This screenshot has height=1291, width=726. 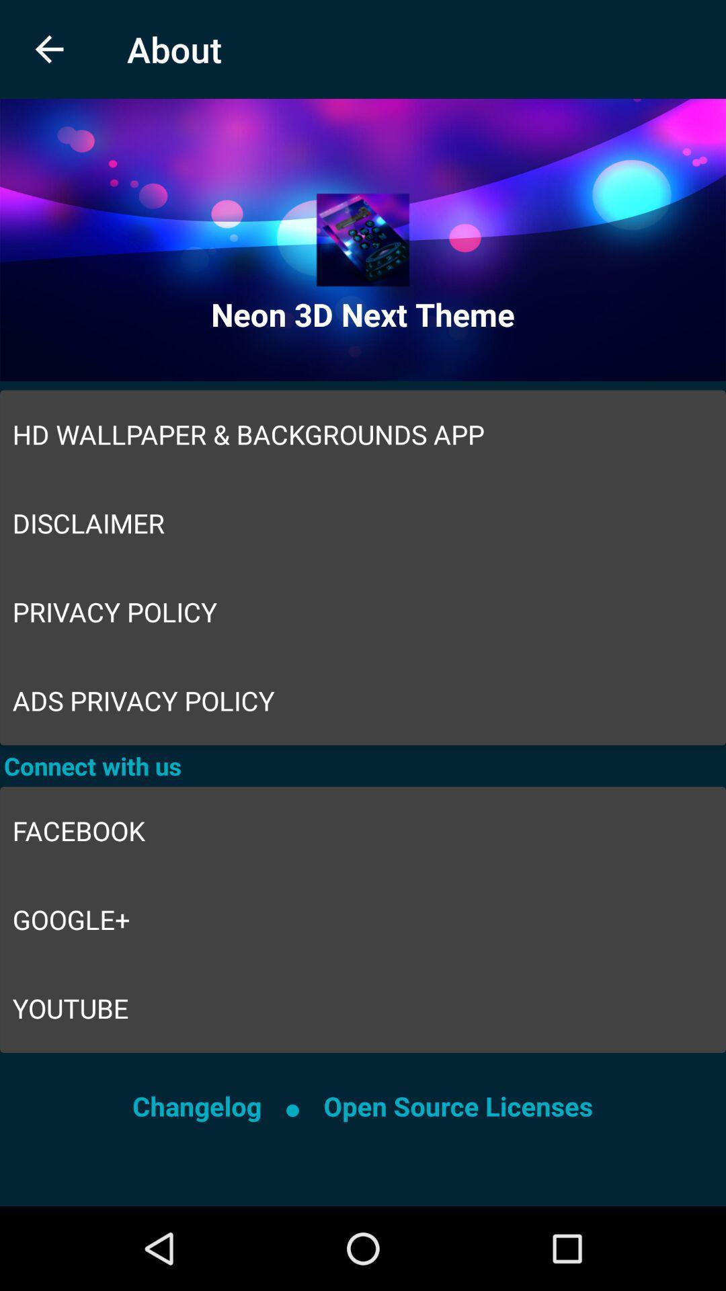 What do you see at coordinates (363, 1008) in the screenshot?
I see `the youtube icon` at bounding box center [363, 1008].